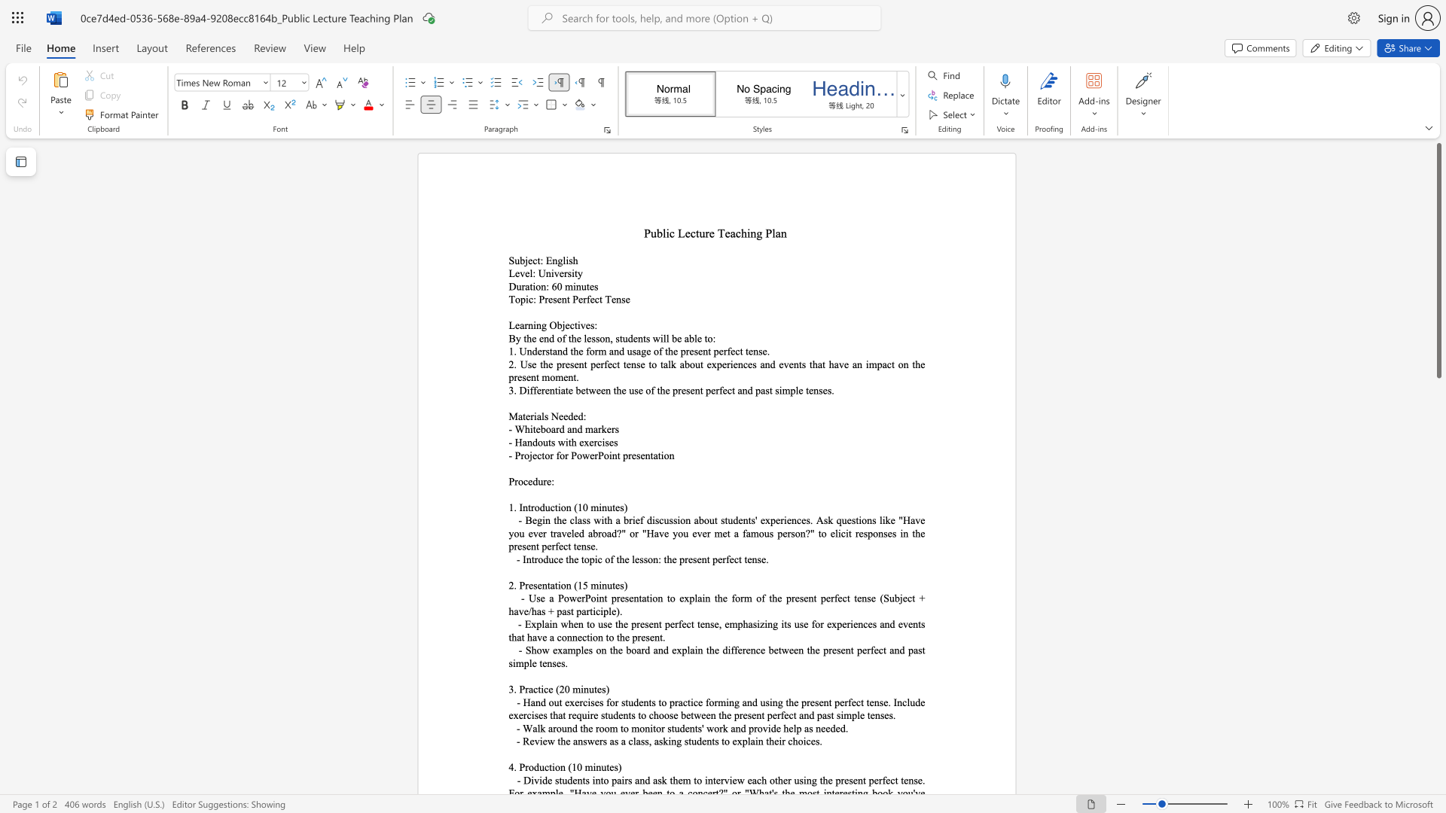  What do you see at coordinates (658, 714) in the screenshot?
I see `the subset text "oose between the present perfect and past simple" within the text "- Hand out exercises for students to practice forming and using the present perfect tense. Include exercises that require students to choose between the present perfect and past simple tenses."` at bounding box center [658, 714].